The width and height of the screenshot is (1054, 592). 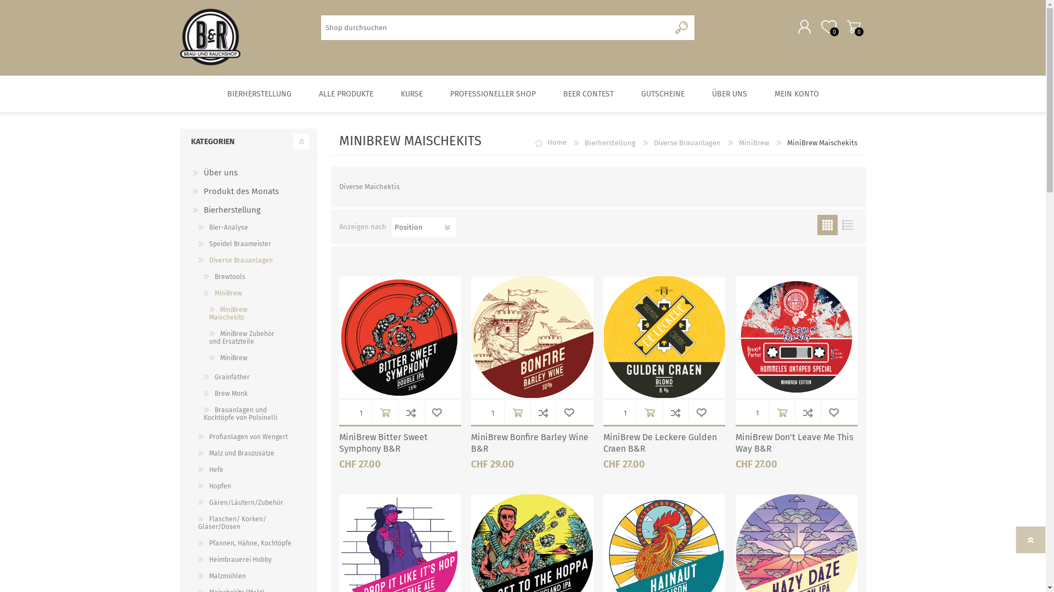 I want to click on 'WUNSCHLISTE', so click(x=569, y=412).